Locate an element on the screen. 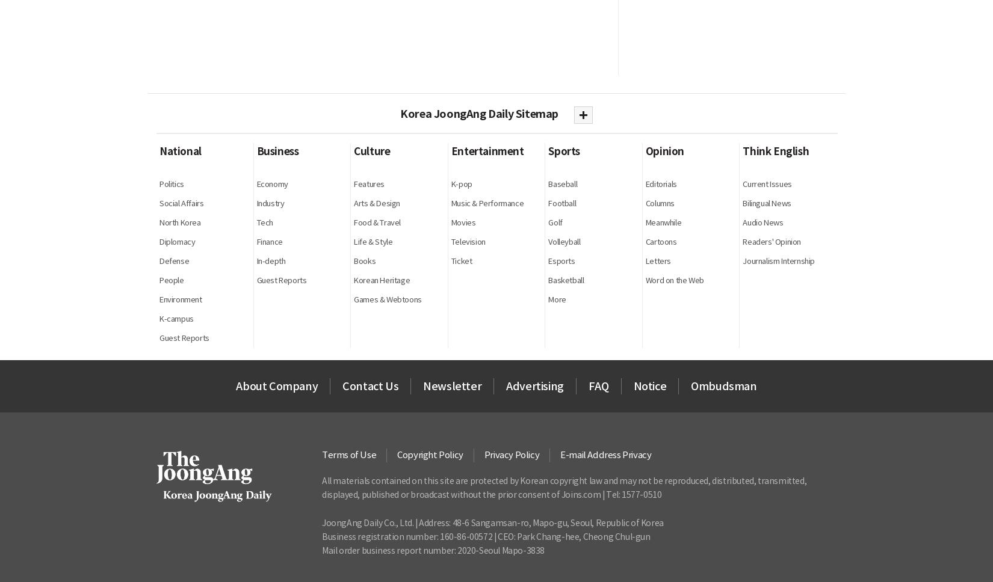 Image resolution: width=993 pixels, height=582 pixels. 'Sports' is located at coordinates (564, 151).